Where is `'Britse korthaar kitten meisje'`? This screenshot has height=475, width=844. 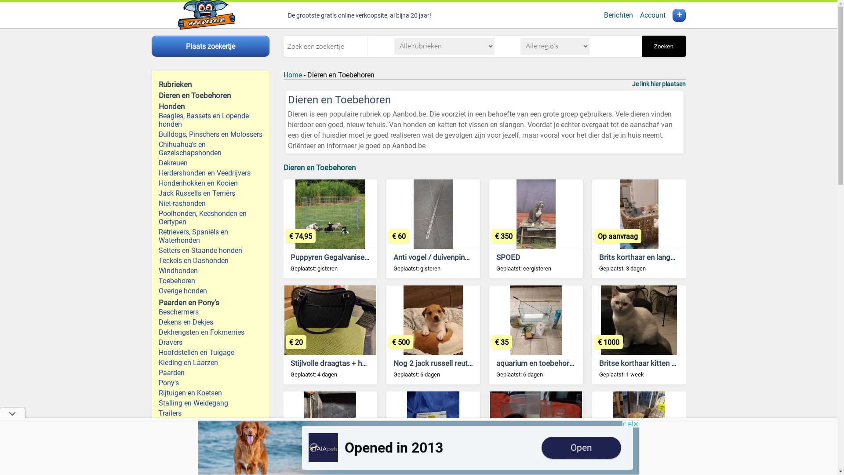
'Britse korthaar kitten meisje' is located at coordinates (646, 363).